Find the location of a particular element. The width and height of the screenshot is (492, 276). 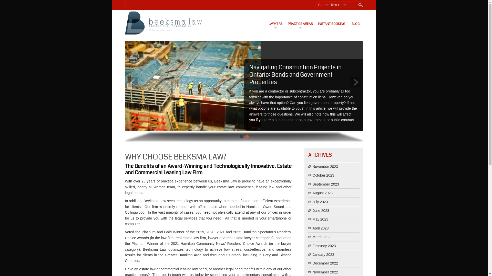

'INSTANT BOOKING' is located at coordinates (332, 20).